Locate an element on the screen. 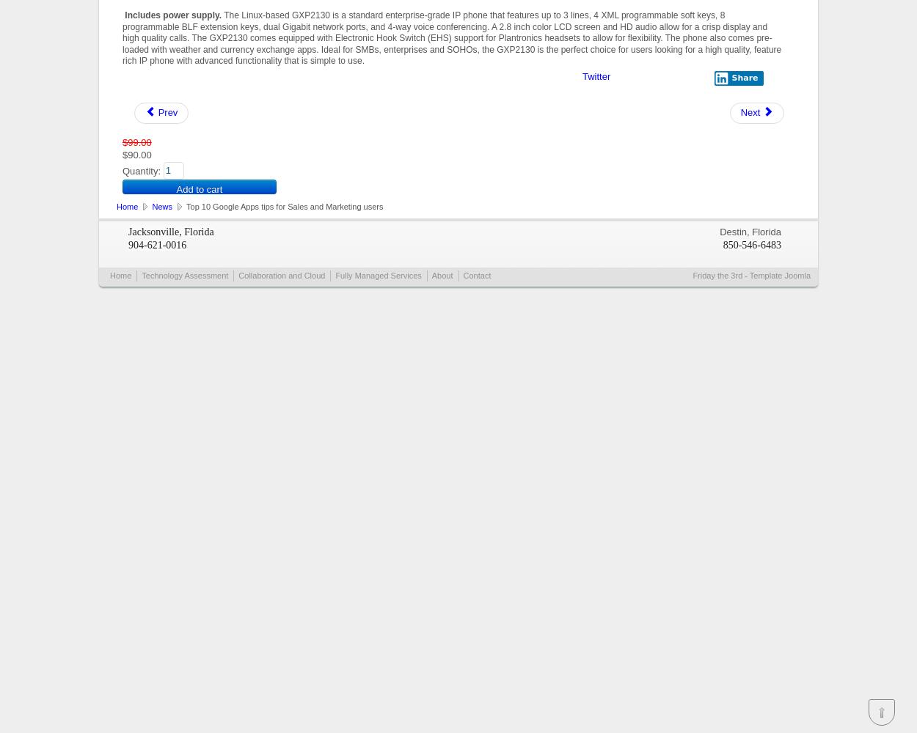 This screenshot has width=917, height=733. 'Twitter' is located at coordinates (596, 75).